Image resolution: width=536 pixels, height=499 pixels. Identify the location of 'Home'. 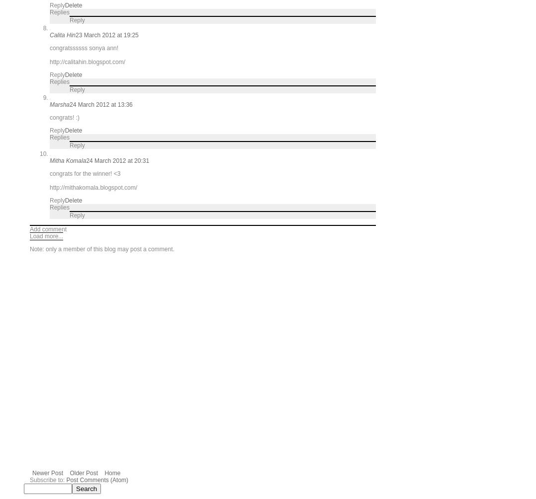
(112, 472).